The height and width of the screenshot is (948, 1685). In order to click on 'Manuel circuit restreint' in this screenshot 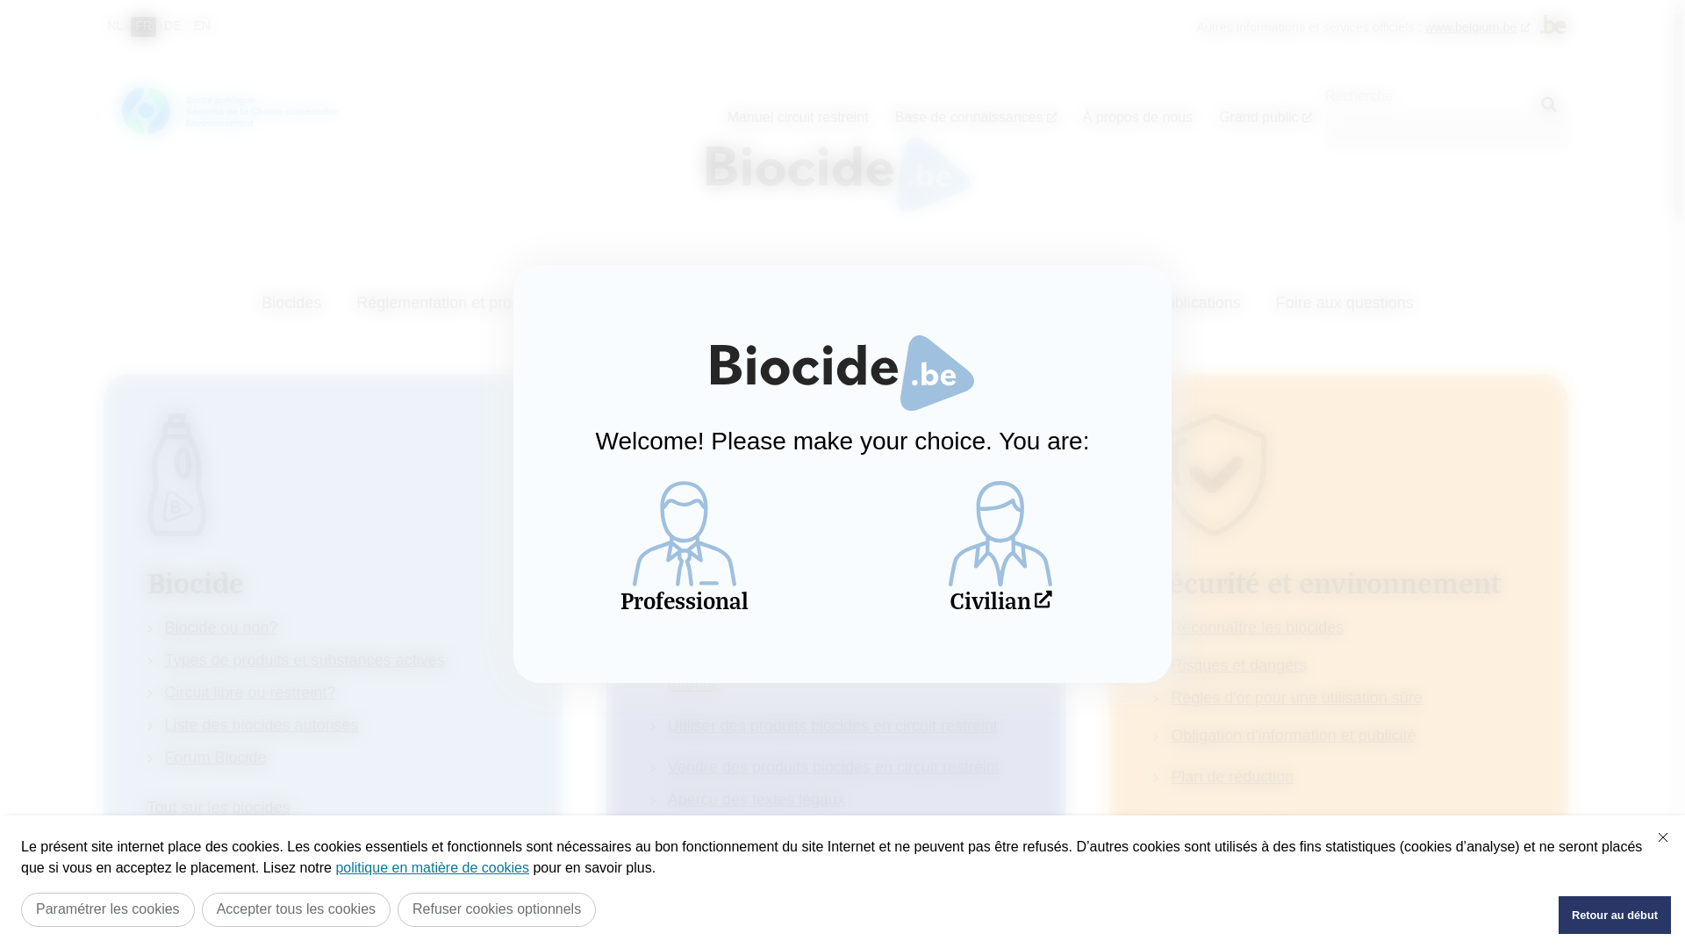, I will do `click(797, 118)`.